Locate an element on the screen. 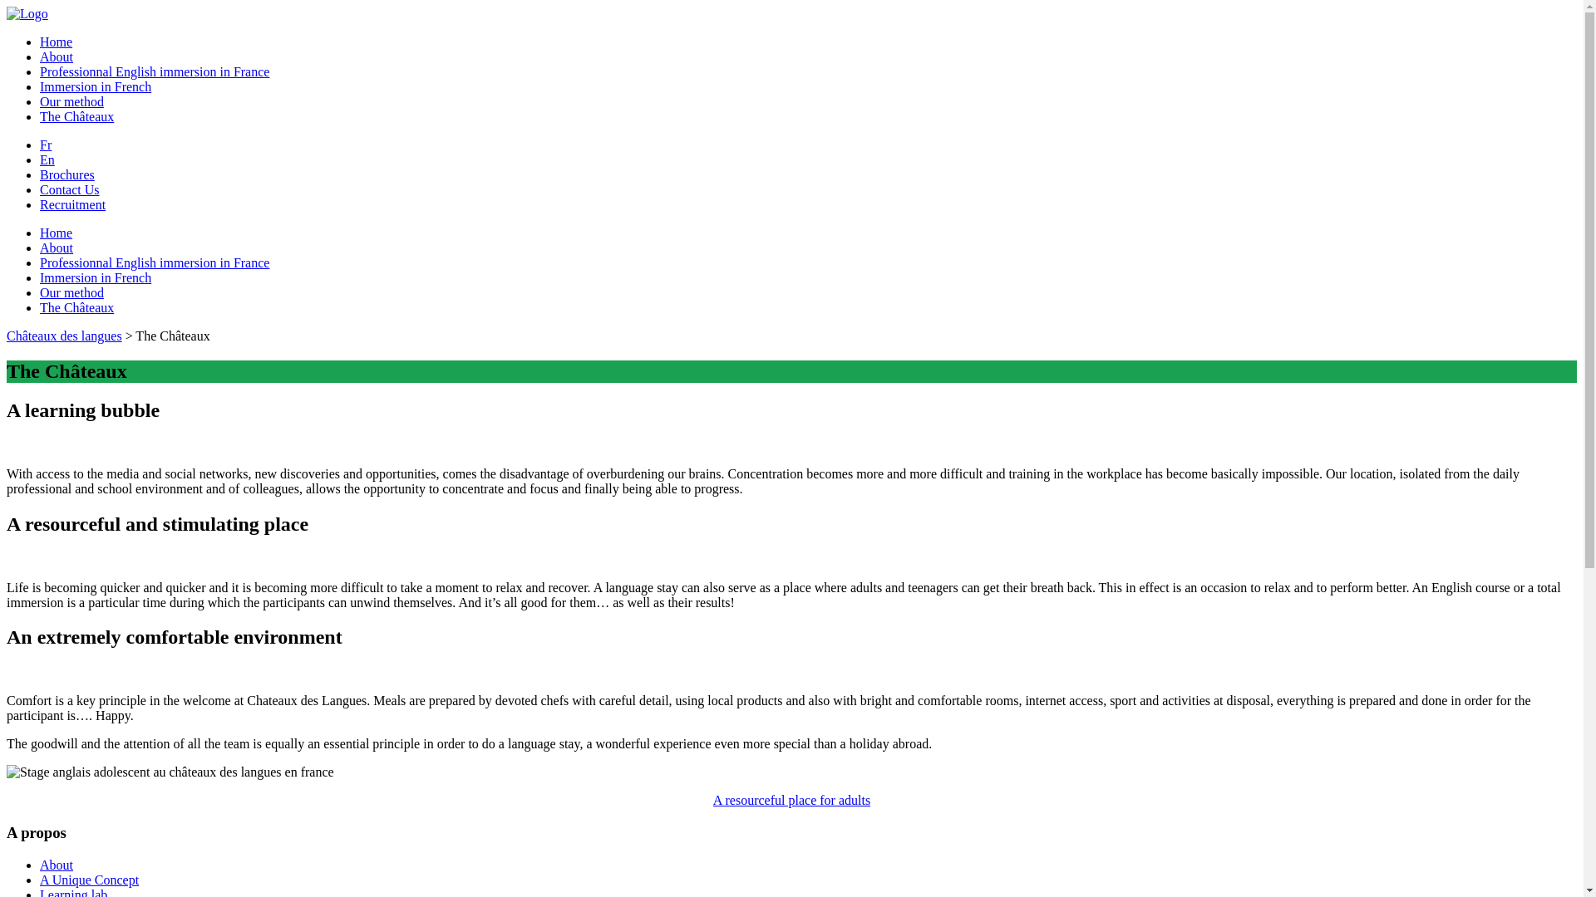  'Brochures' is located at coordinates (66, 174).